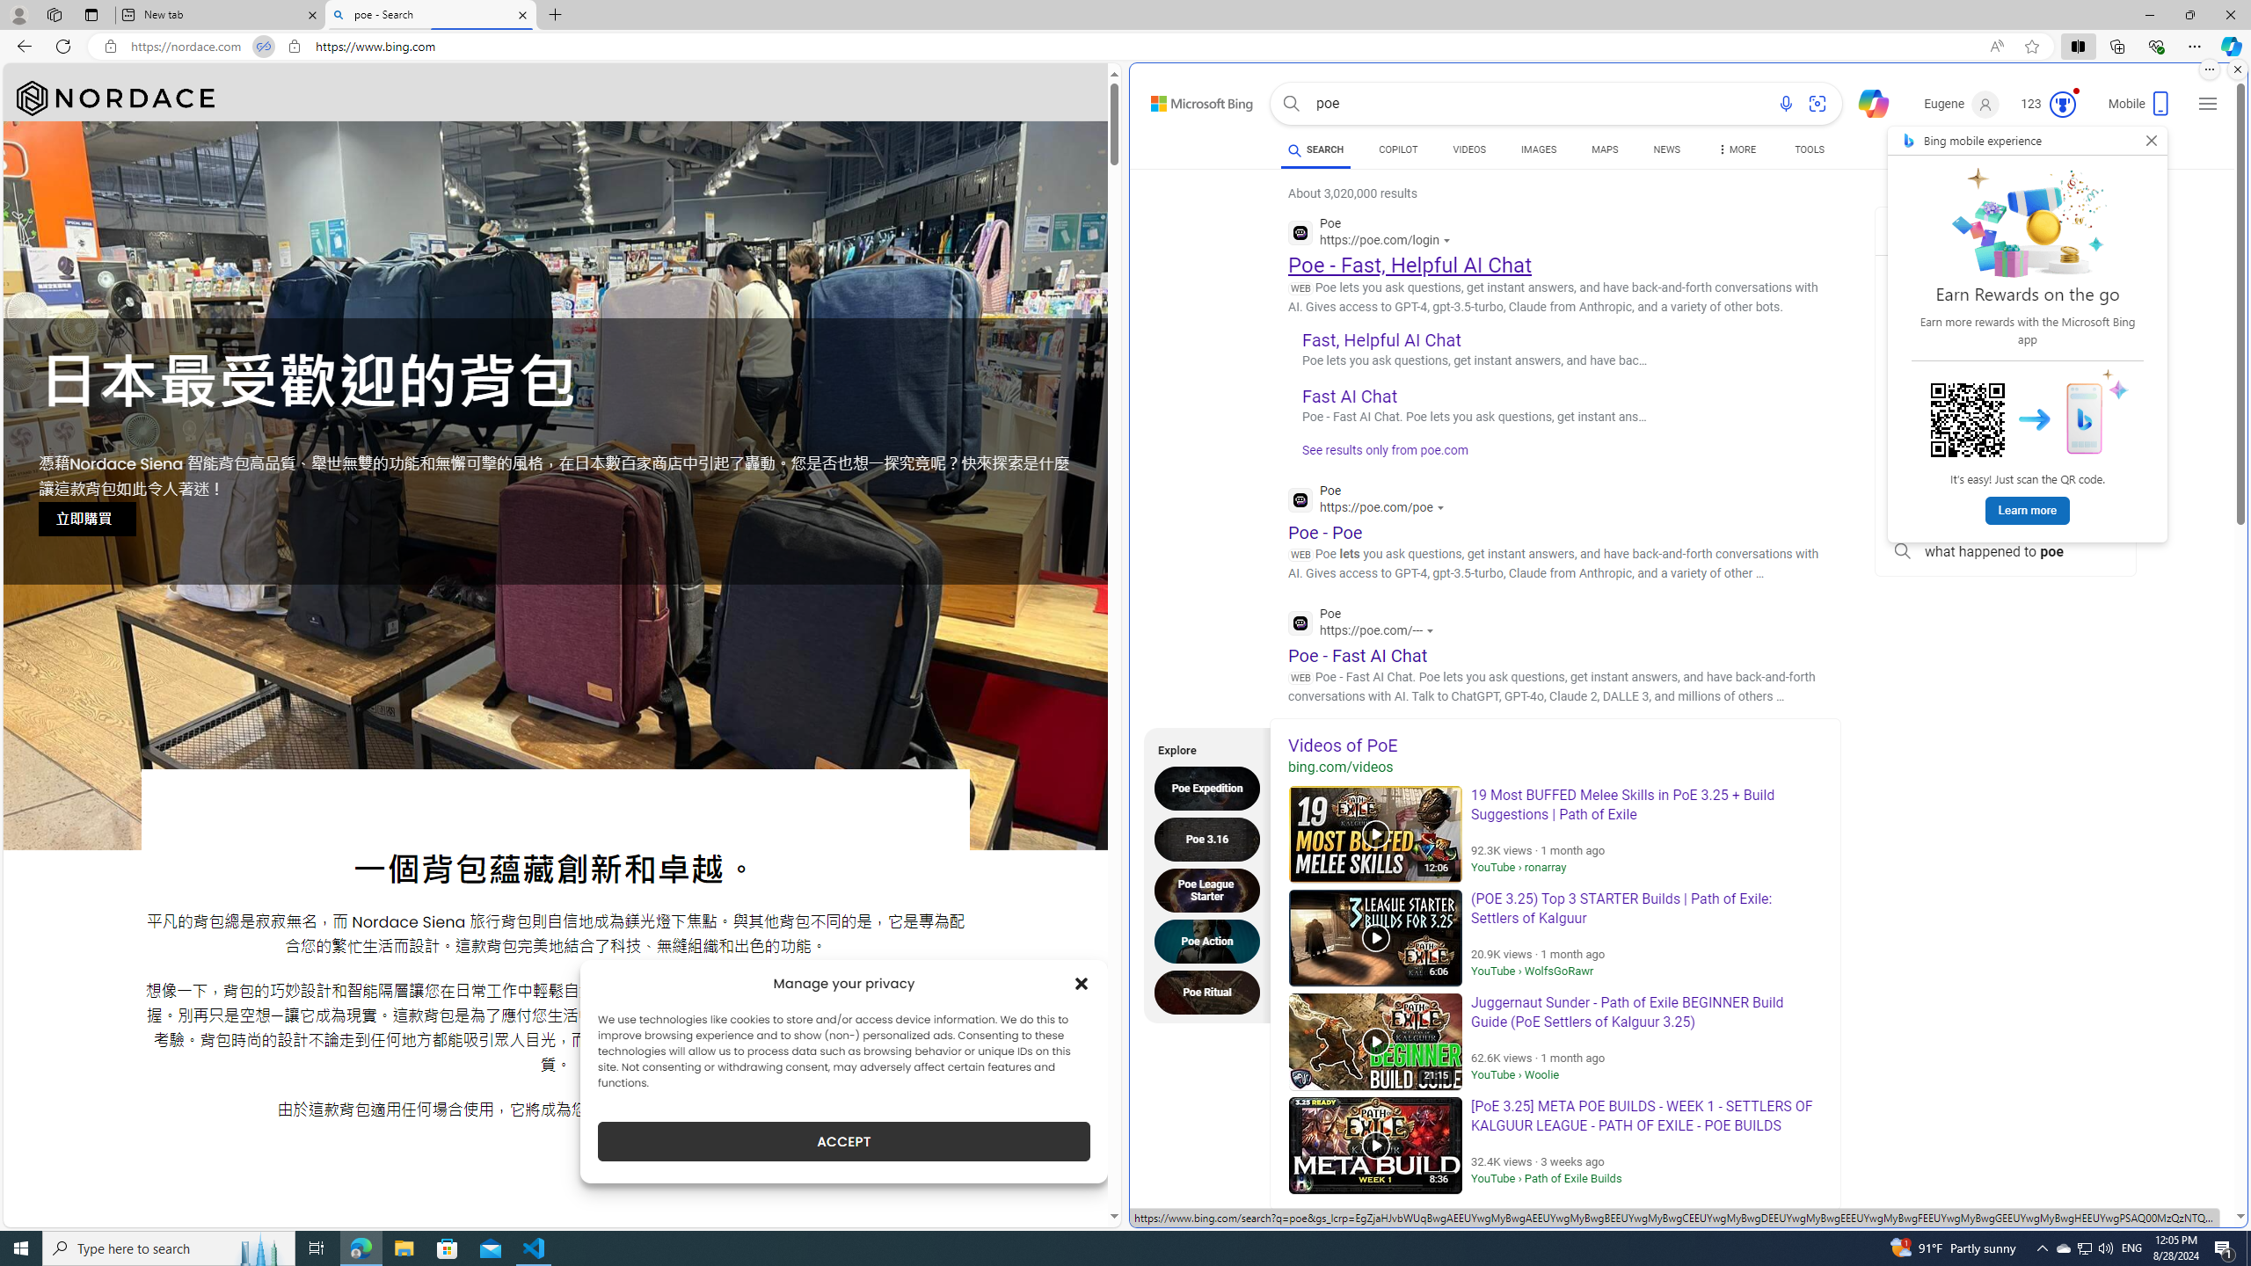 This screenshot has height=1266, width=2251. Describe the element at coordinates (1865, 100) in the screenshot. I see `'Chat'` at that location.